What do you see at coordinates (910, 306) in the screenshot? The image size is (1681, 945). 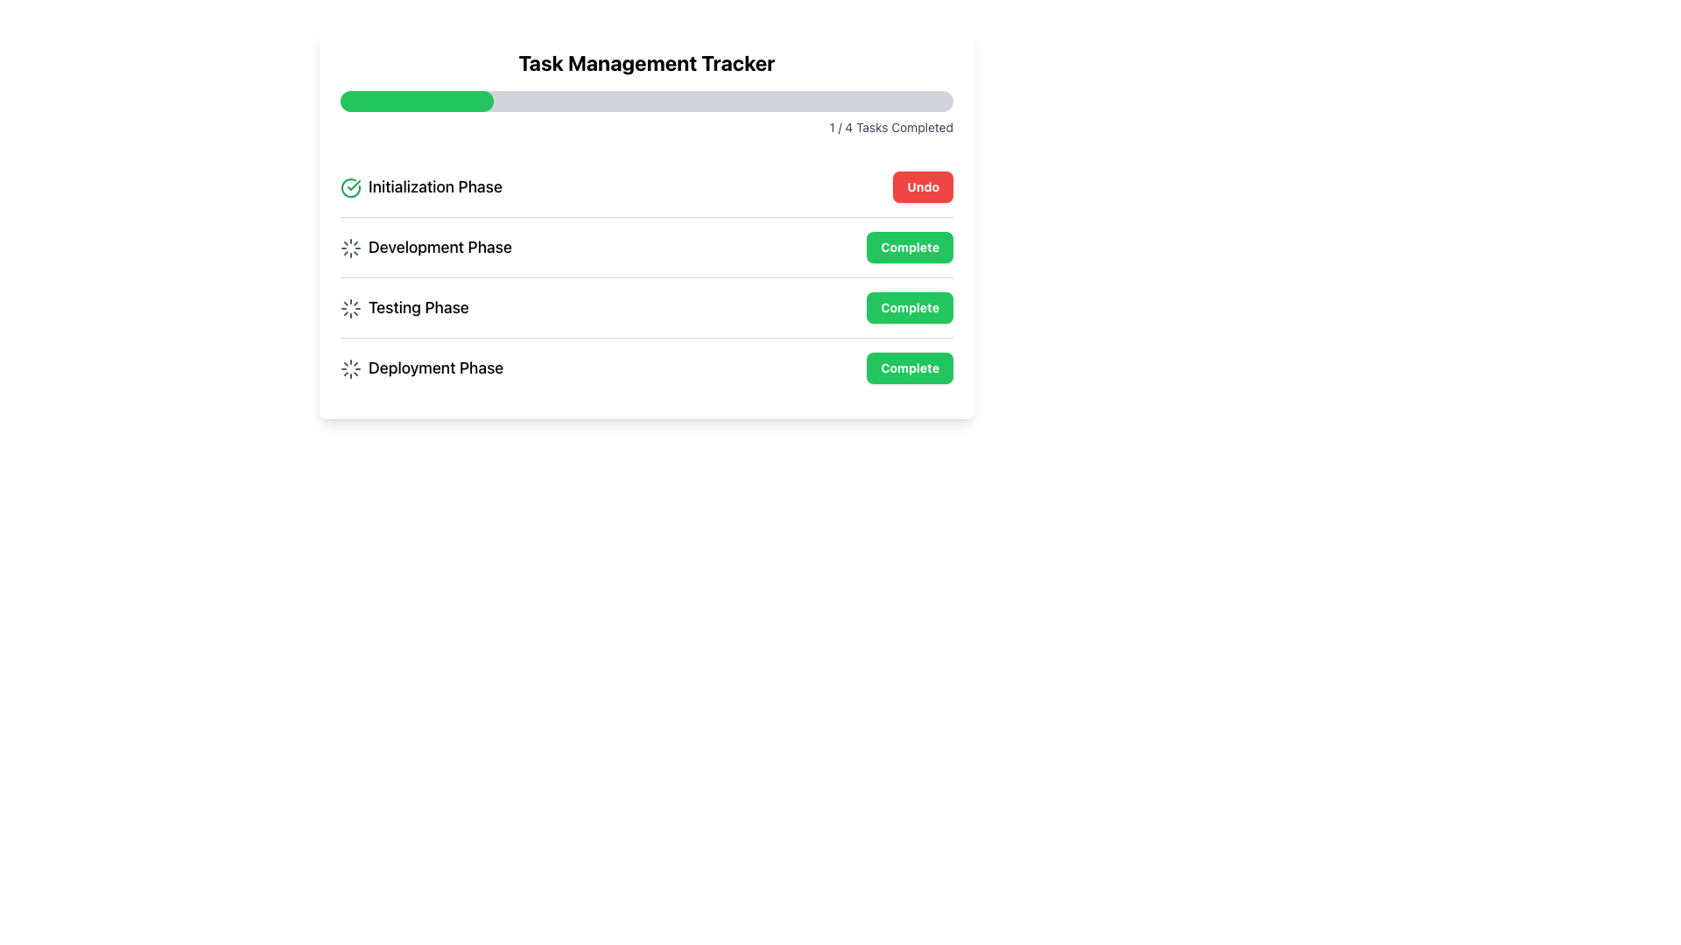 I see `the button that marks the 'Testing Phase' as completed` at bounding box center [910, 306].